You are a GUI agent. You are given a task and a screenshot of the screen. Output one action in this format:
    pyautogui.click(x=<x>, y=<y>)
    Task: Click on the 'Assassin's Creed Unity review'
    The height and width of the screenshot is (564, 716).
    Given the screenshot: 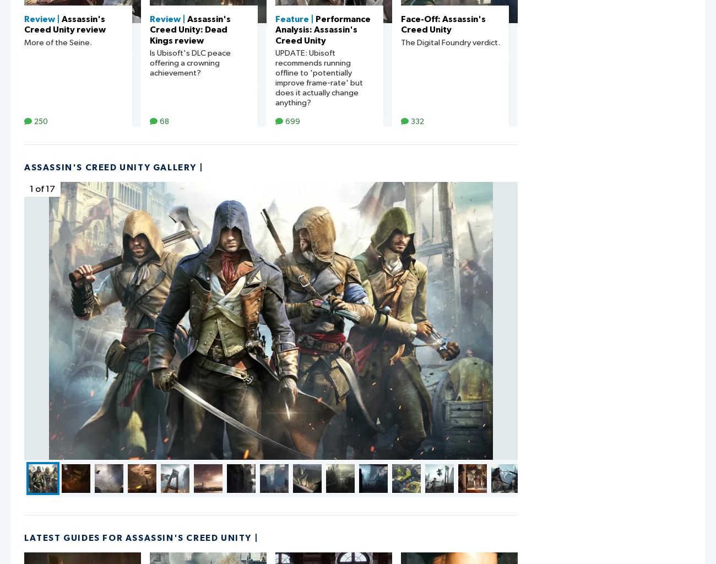 What is the action you would take?
    pyautogui.click(x=64, y=24)
    